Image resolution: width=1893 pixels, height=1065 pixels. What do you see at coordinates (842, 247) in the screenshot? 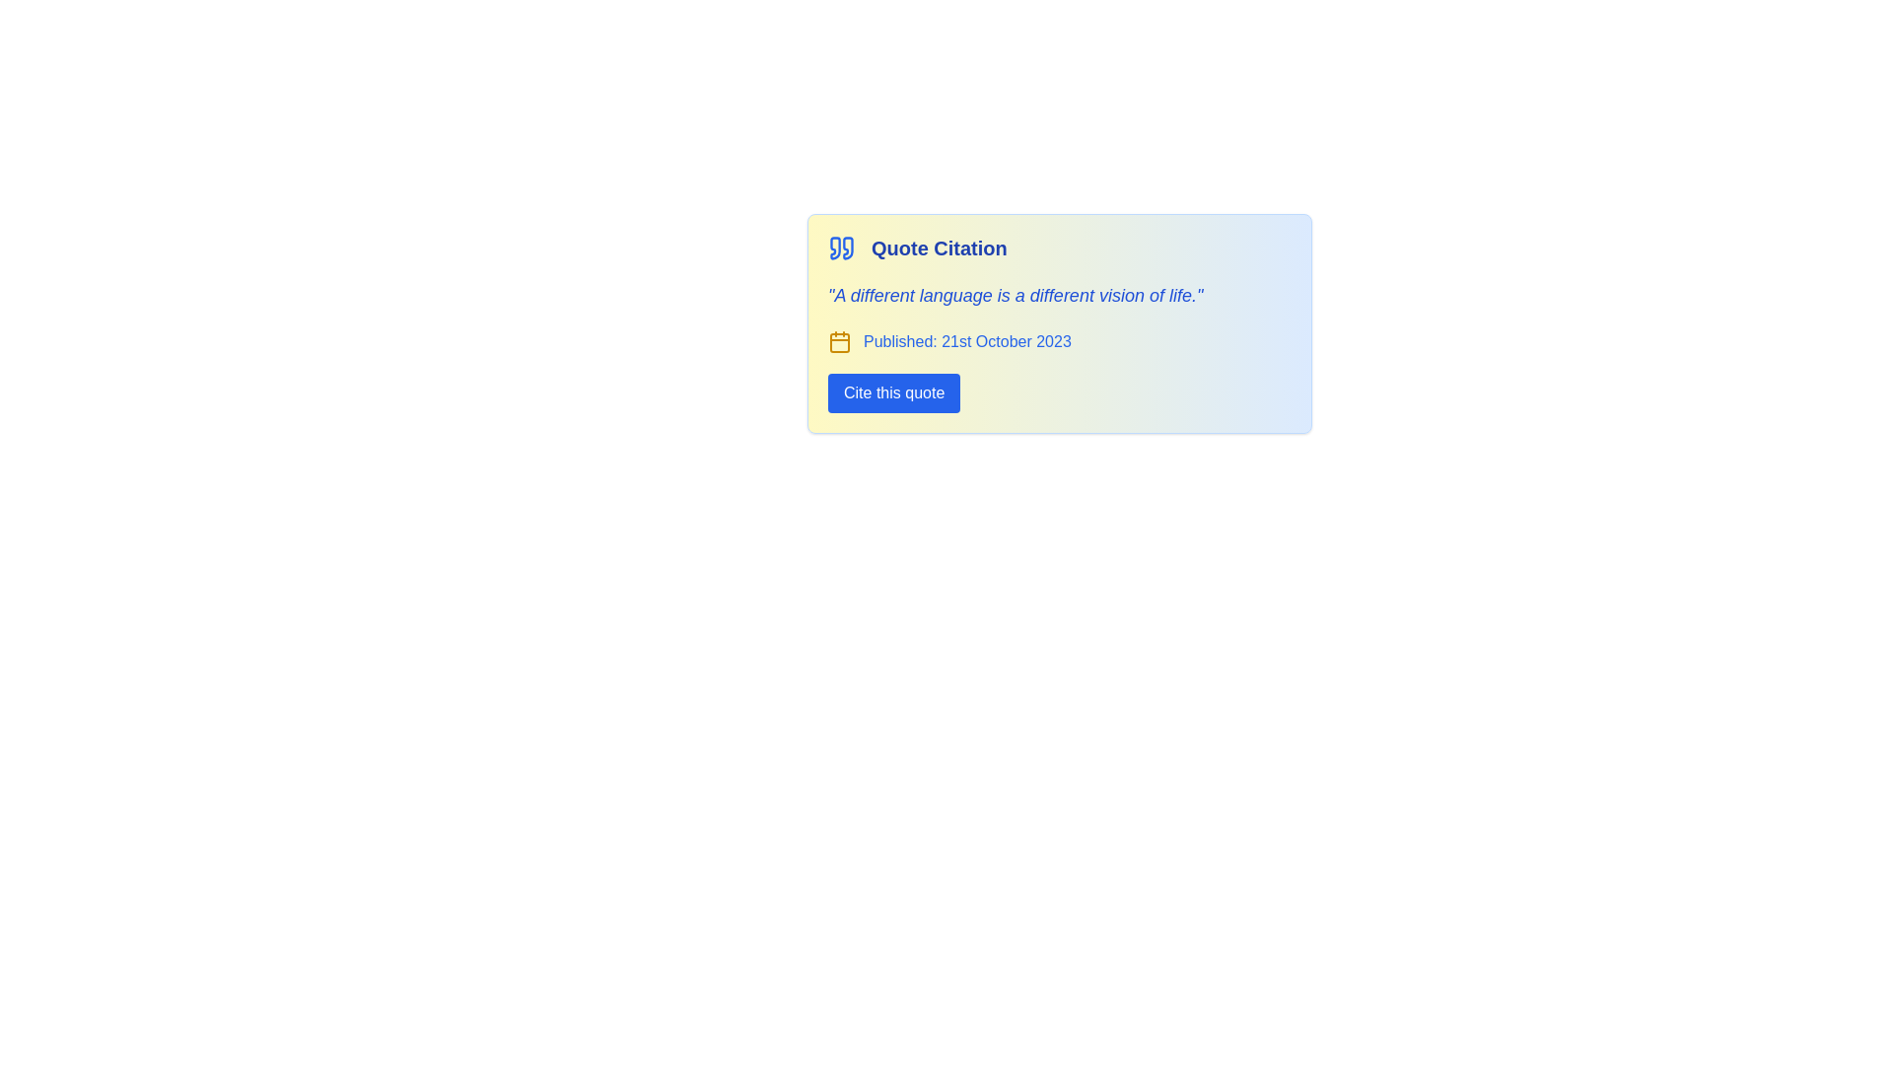
I see `the blue quotation marks SVG icon located to the left of the 'Quote Citation' title text at the top-left of the main content box` at bounding box center [842, 247].